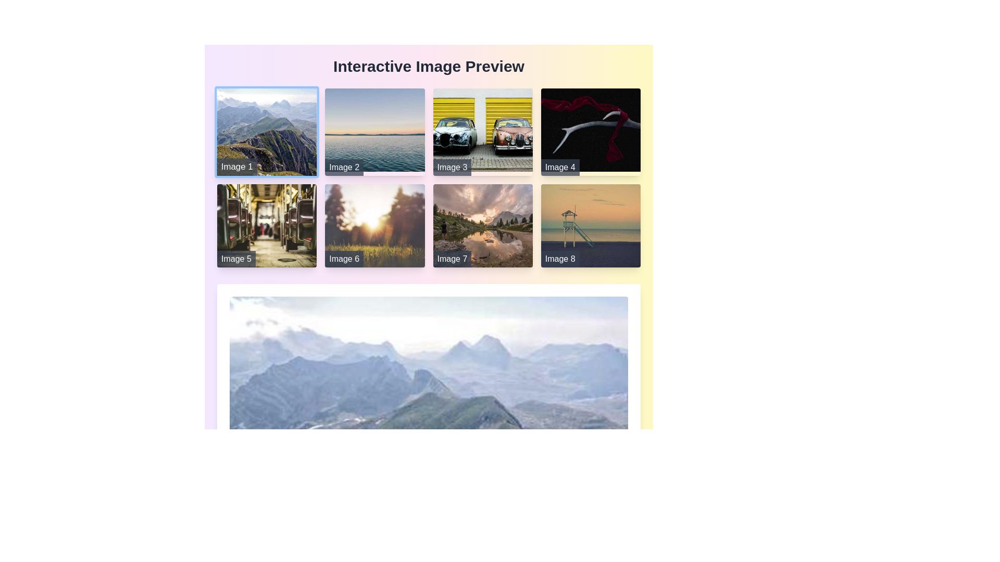  Describe the element at coordinates (591, 225) in the screenshot. I see `the Image Card displaying a scenic beach view labeled 'Image 8' in the lower-right corner of the grid` at that location.